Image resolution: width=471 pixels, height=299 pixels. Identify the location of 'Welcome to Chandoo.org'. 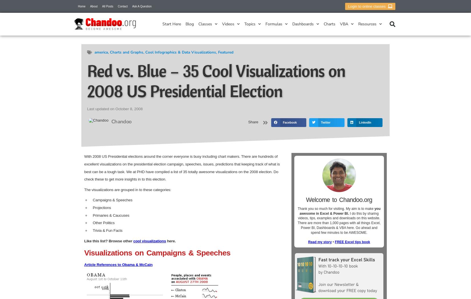
(339, 199).